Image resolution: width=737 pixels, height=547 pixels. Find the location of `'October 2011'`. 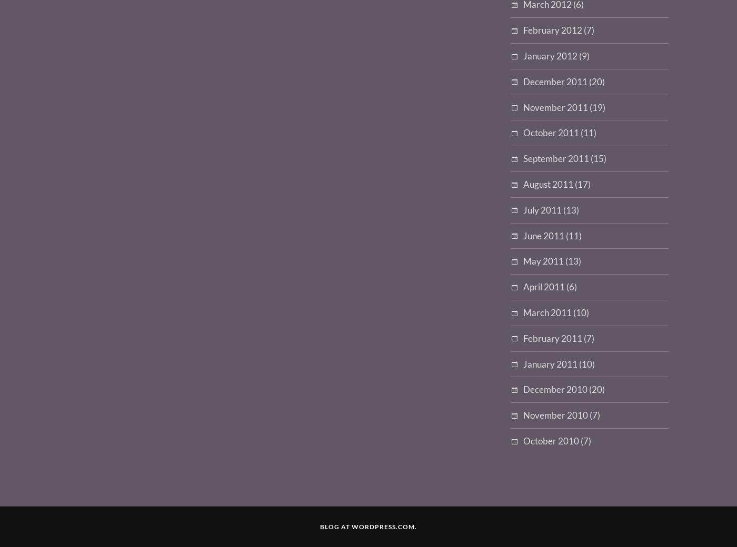

'October 2011' is located at coordinates (523, 133).